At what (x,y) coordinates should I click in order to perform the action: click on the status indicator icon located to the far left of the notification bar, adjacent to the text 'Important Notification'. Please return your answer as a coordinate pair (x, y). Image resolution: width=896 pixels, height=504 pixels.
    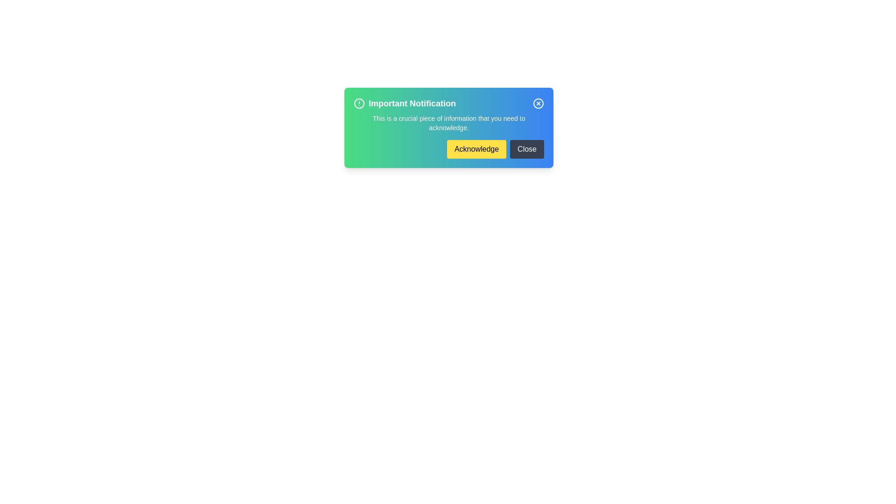
    Looking at the image, I should click on (358, 104).